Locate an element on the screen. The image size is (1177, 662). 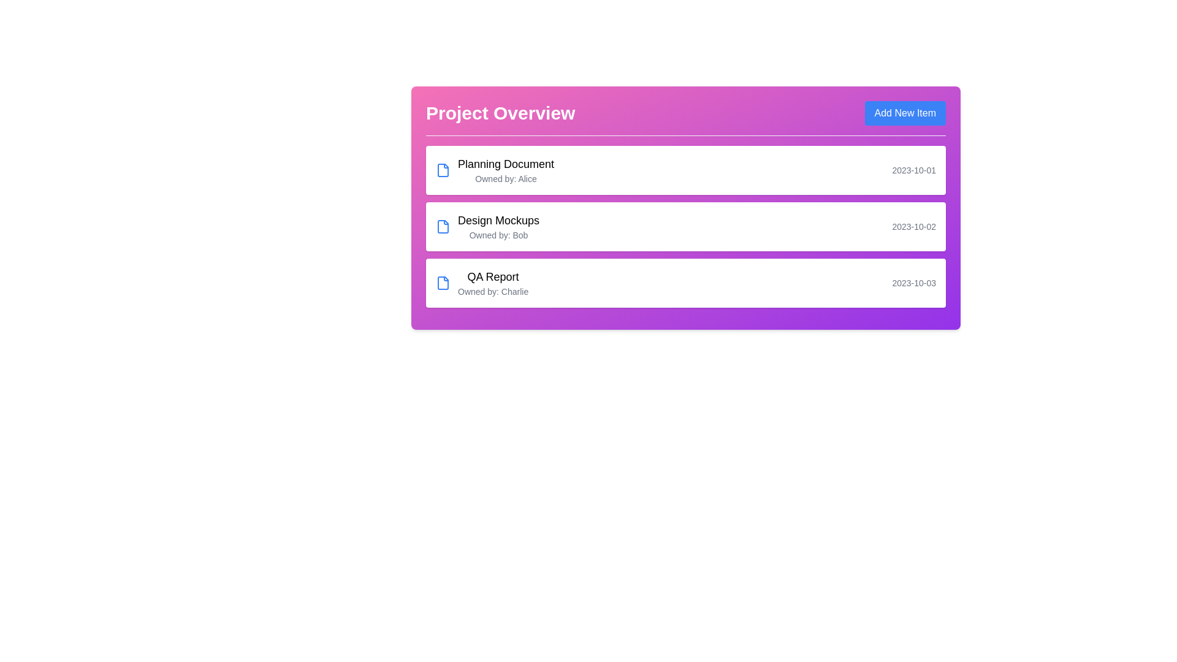
the document icon representing the 'Design Mockups' list item, located to the left of the text 'Design Mockups Owned by: Bob' is located at coordinates (443, 227).